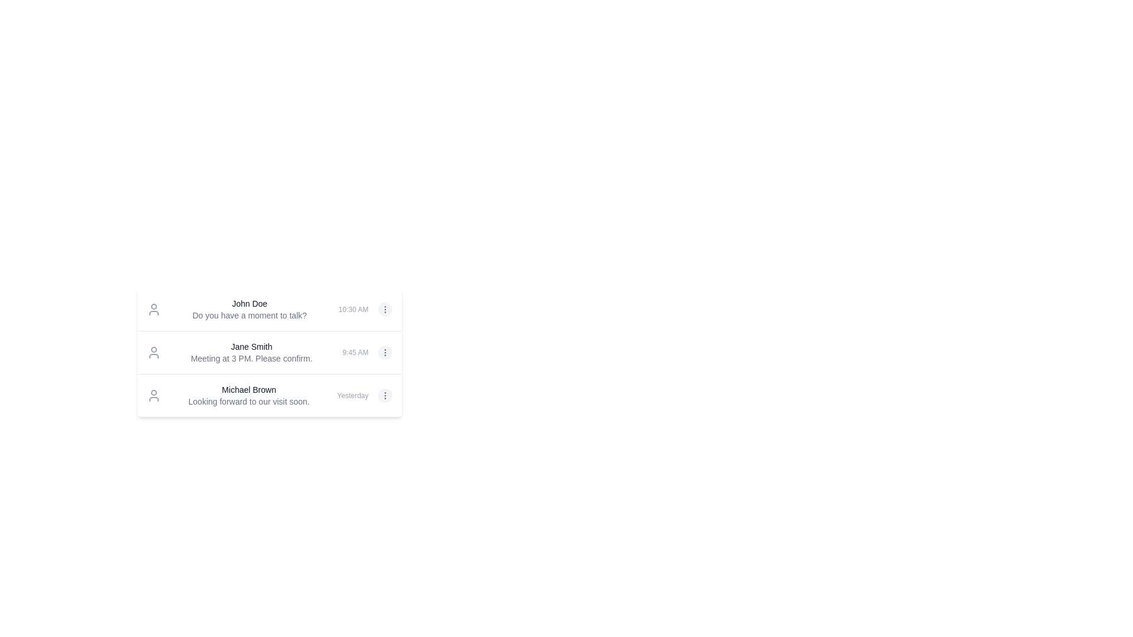  I want to click on the menu trigger button located at the rightmost position in the second item of the user interactions list, so click(385, 352).